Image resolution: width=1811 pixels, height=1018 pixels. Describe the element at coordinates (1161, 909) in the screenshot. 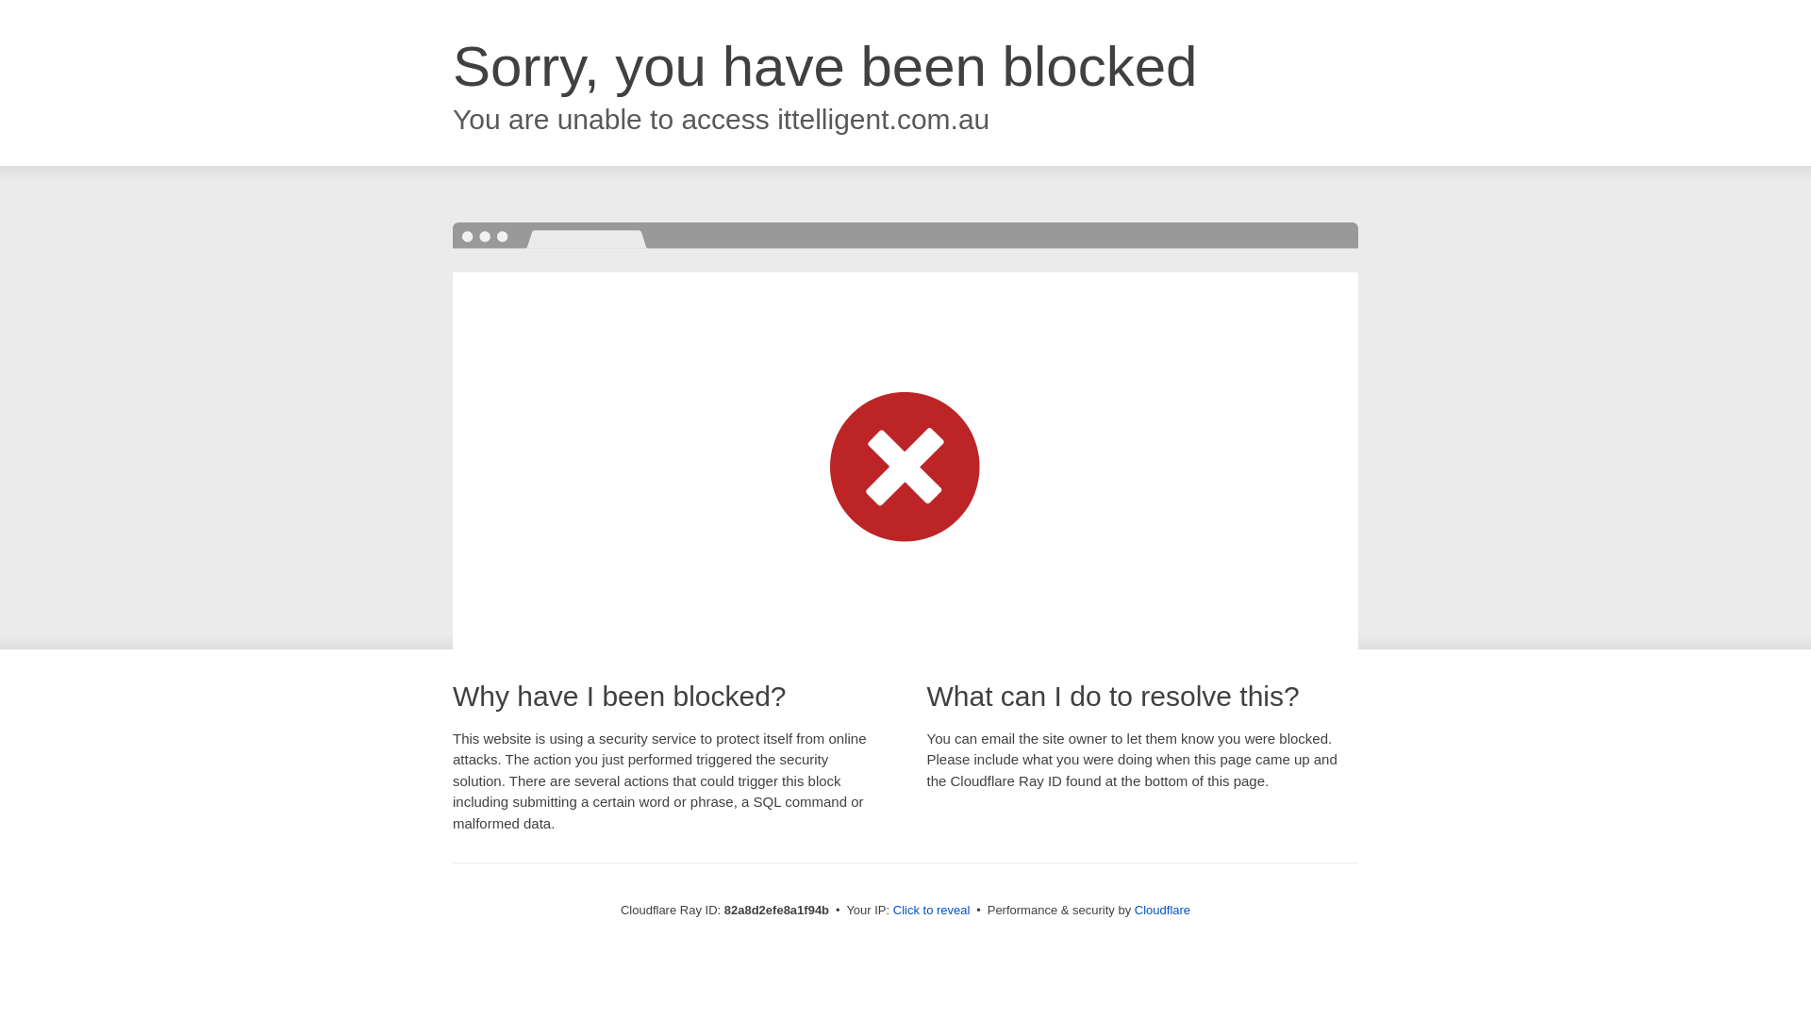

I see `'Cloudflare'` at that location.